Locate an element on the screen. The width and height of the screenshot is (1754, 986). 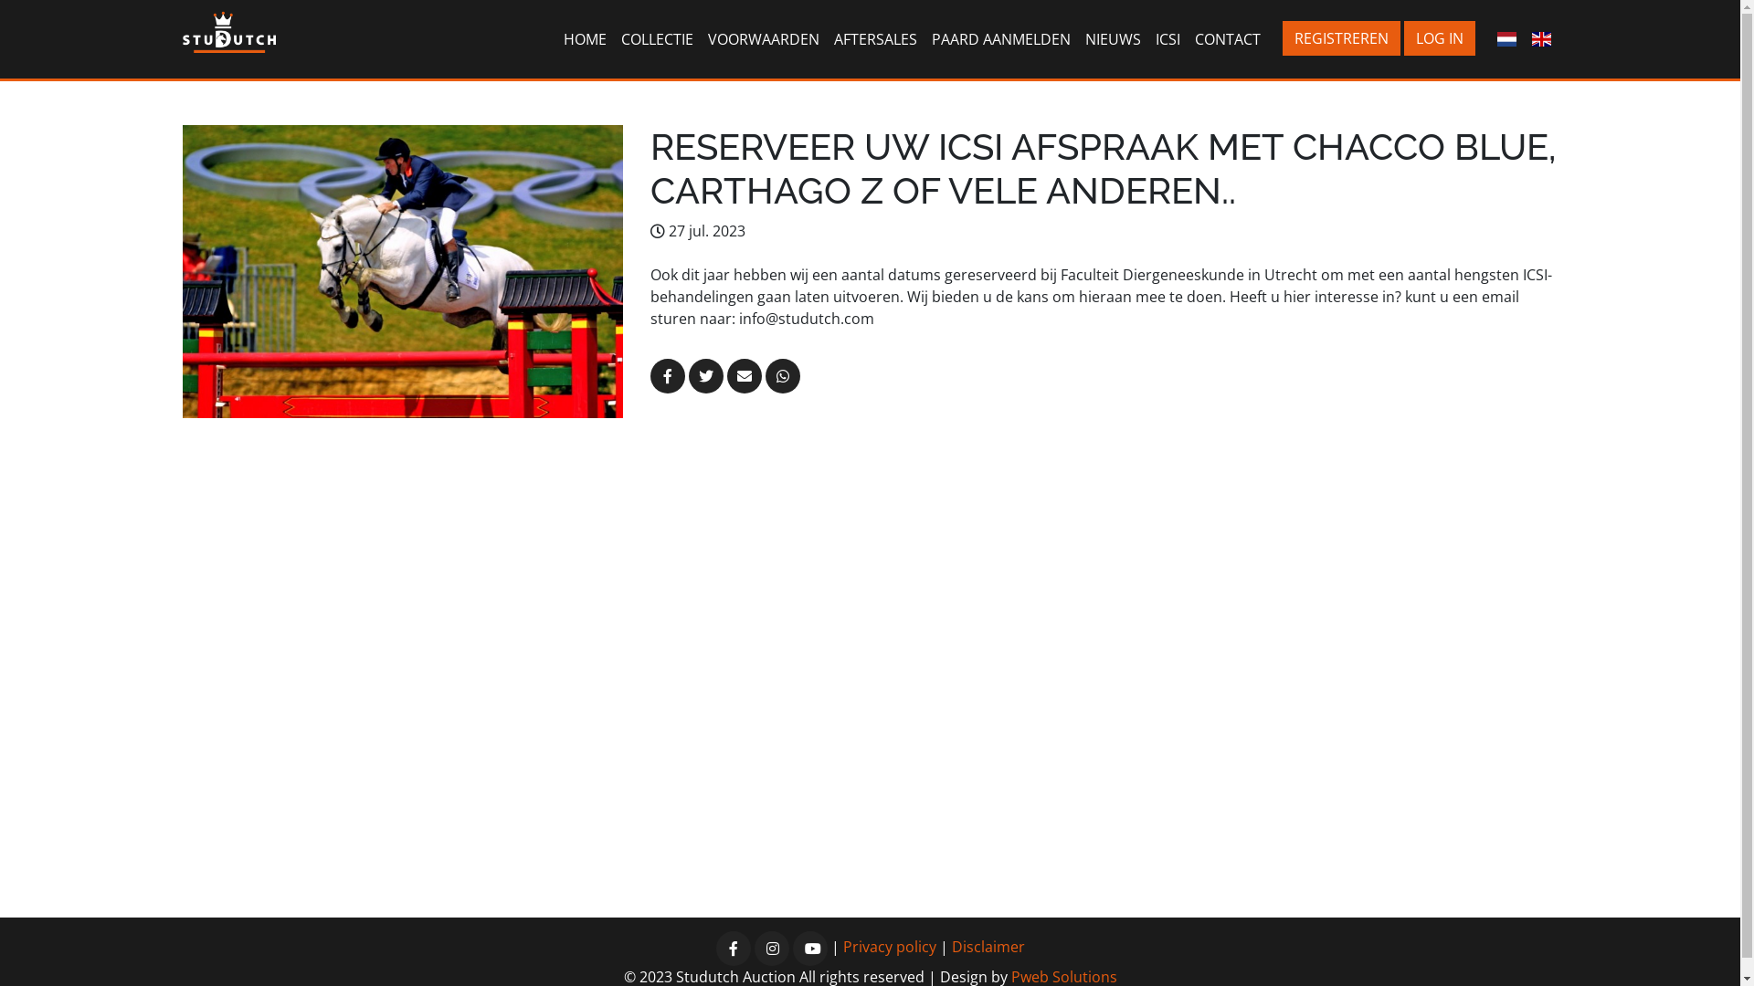
'VOORWAARDEN' is located at coordinates (763, 38).